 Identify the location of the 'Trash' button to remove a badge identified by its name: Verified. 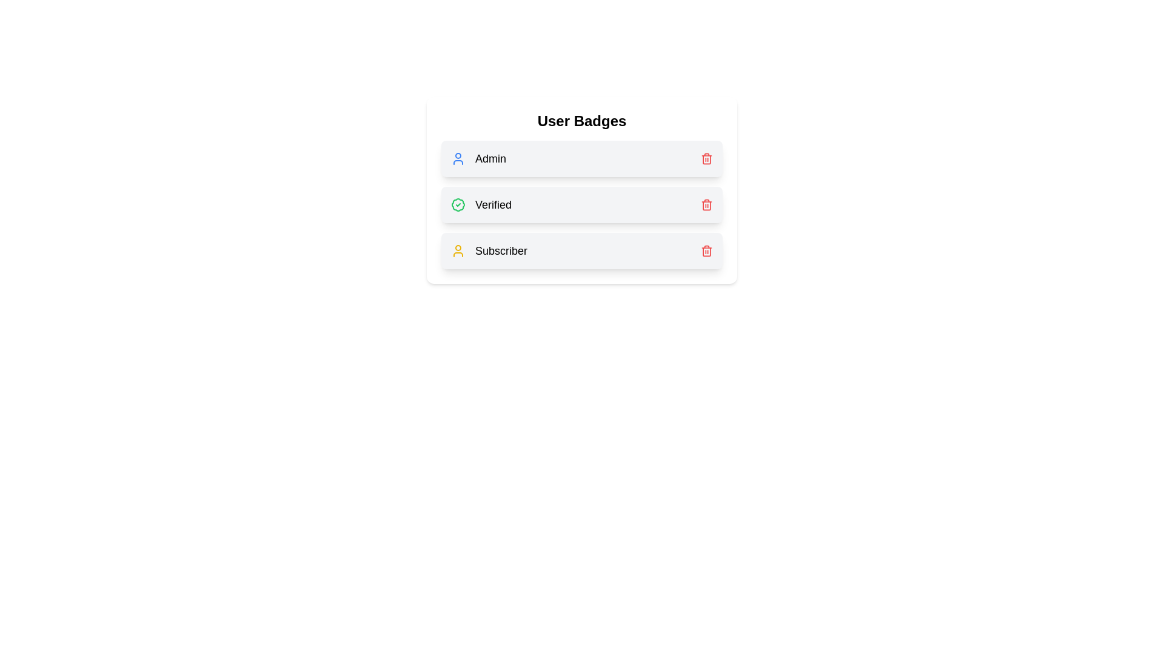
(707, 204).